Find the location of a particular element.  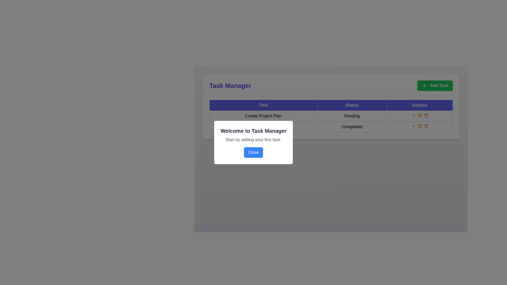

the interactive trash bin icon button in the 'Actions' column corresponding to the 'Completed' task is located at coordinates (426, 126).